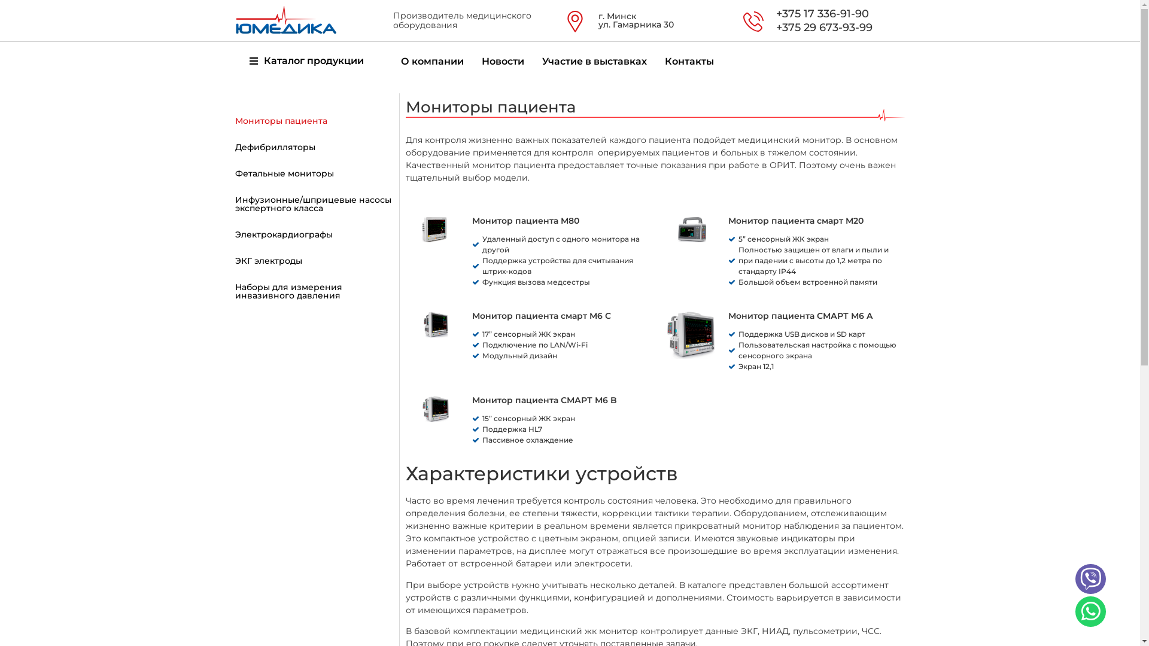 This screenshot has width=1149, height=646. Describe the element at coordinates (776, 27) in the screenshot. I see `'+375 29 673-93-99'` at that location.